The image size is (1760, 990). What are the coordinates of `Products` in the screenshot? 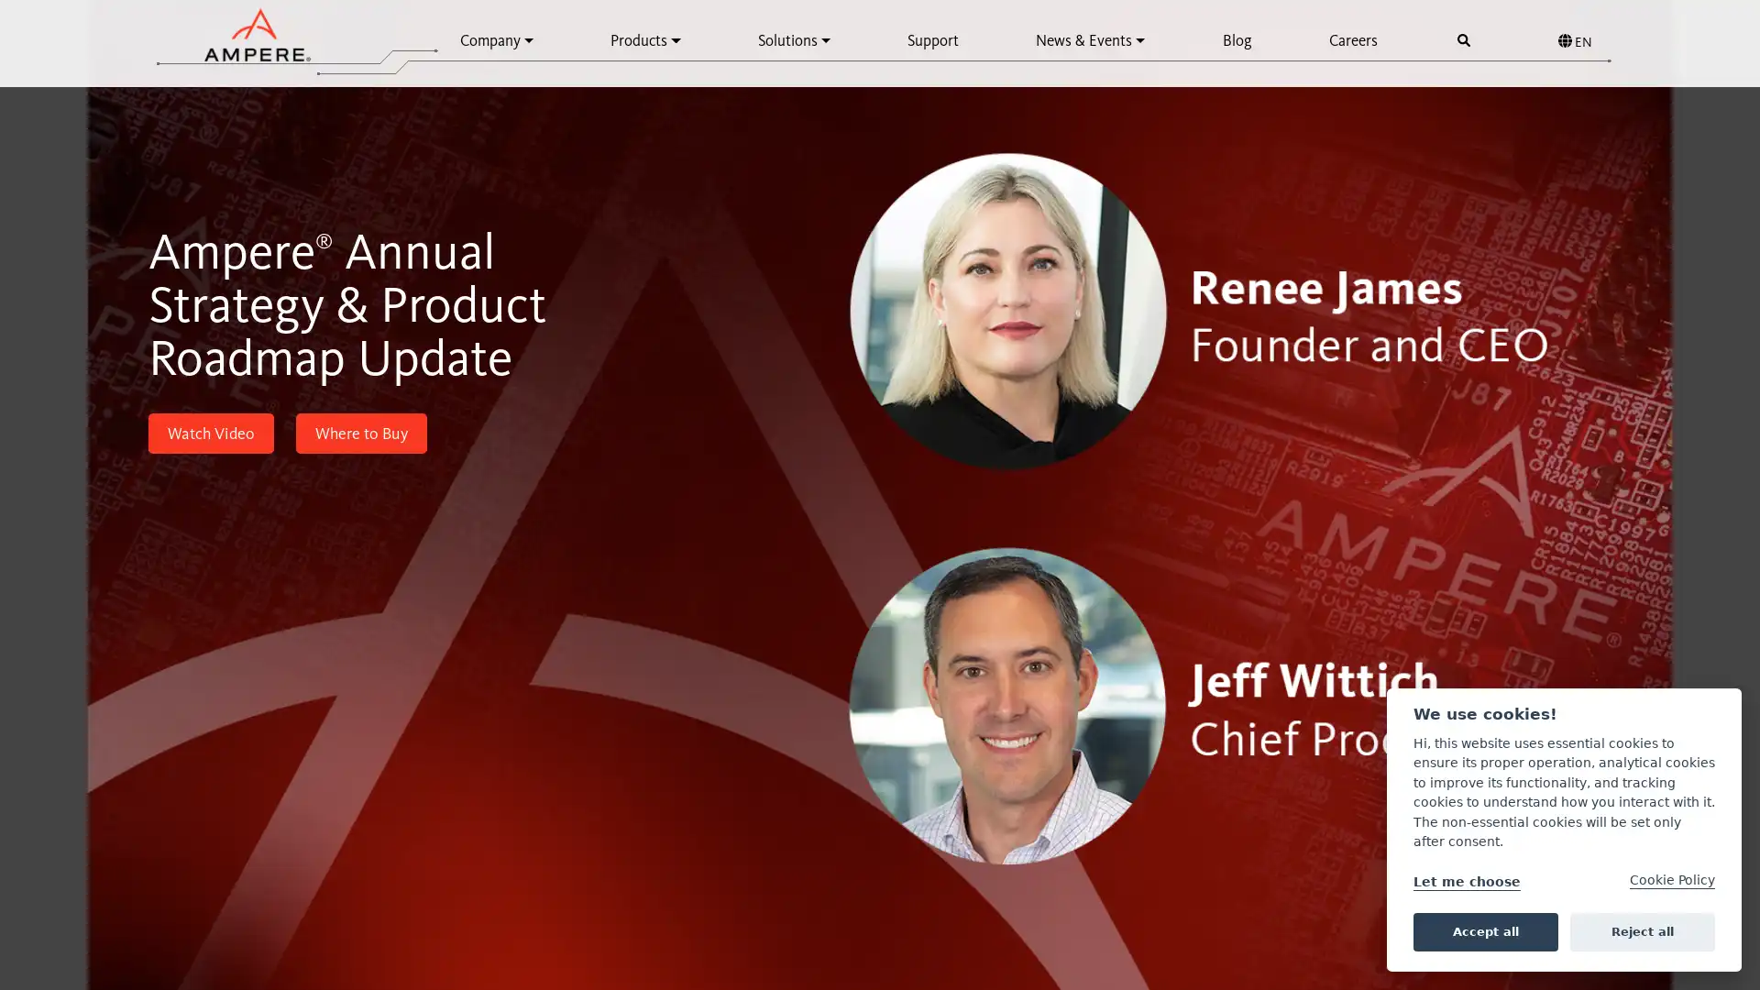 It's located at (645, 39).